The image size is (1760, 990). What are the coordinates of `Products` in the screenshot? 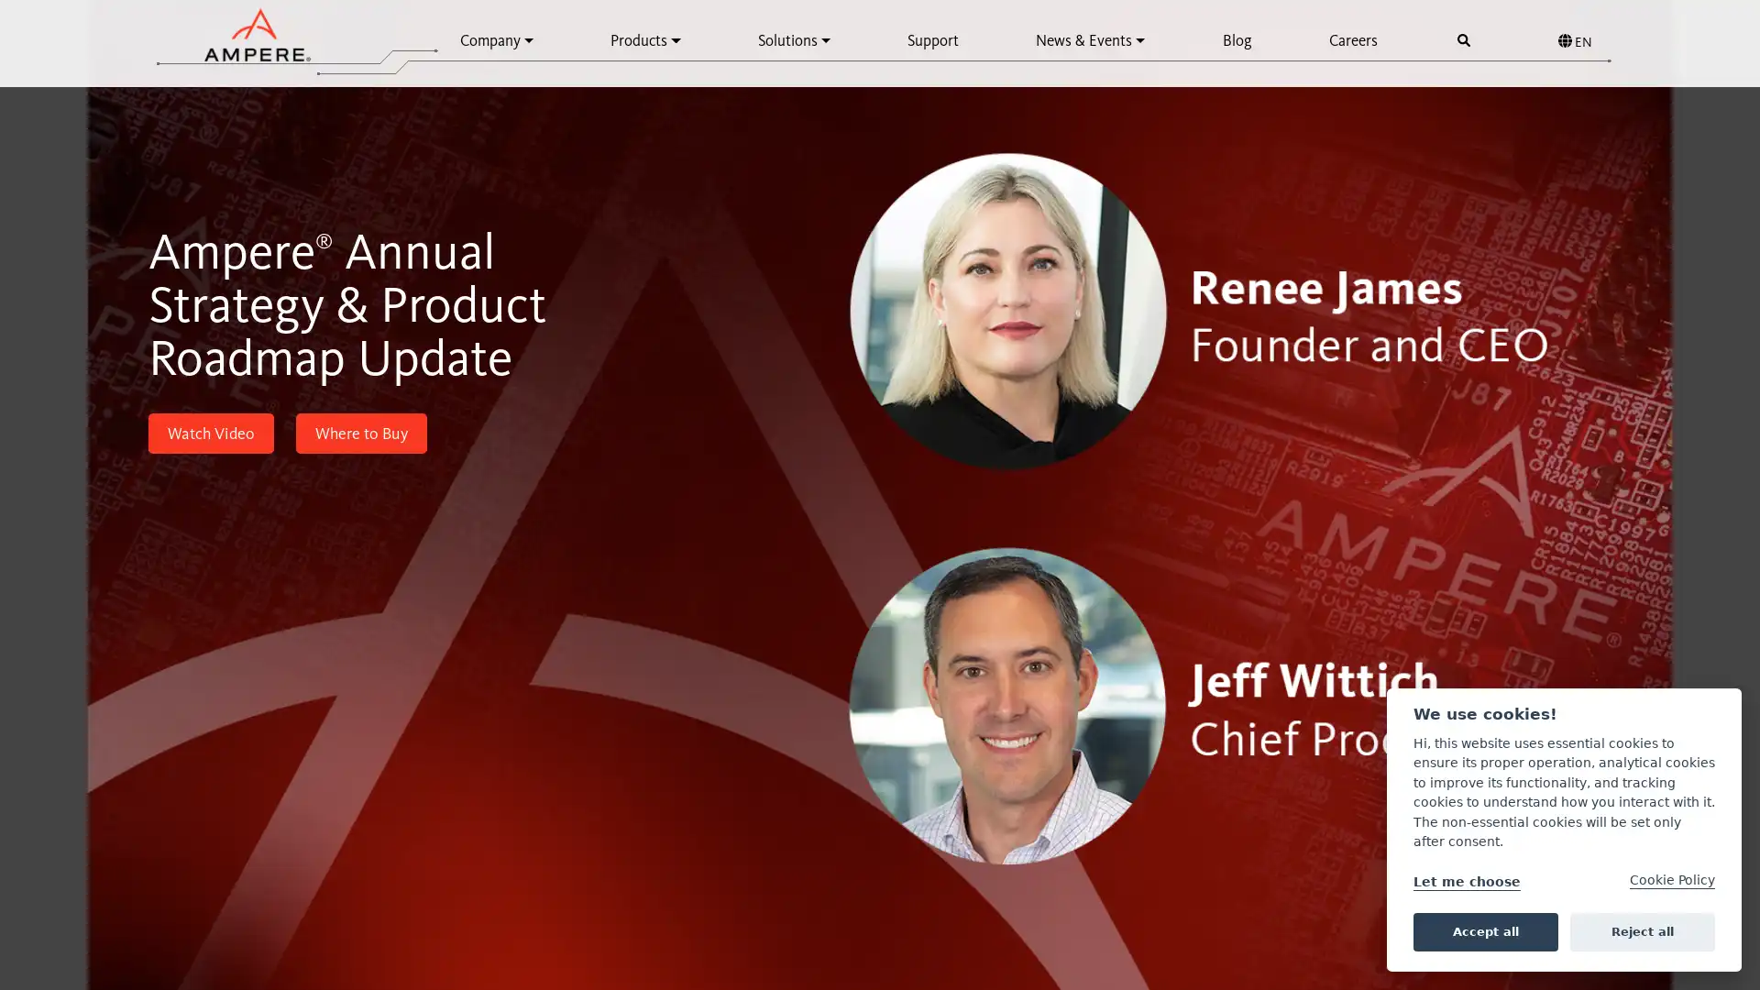 It's located at (645, 39).